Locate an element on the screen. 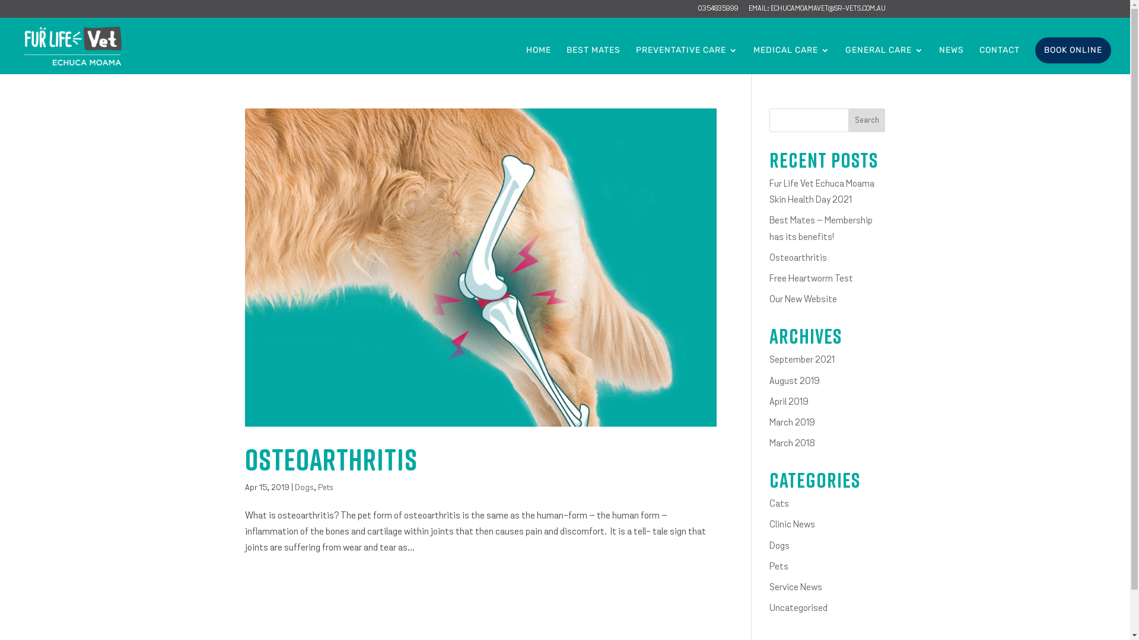 The image size is (1139, 640). 'GENERAL CARE' is located at coordinates (885, 60).